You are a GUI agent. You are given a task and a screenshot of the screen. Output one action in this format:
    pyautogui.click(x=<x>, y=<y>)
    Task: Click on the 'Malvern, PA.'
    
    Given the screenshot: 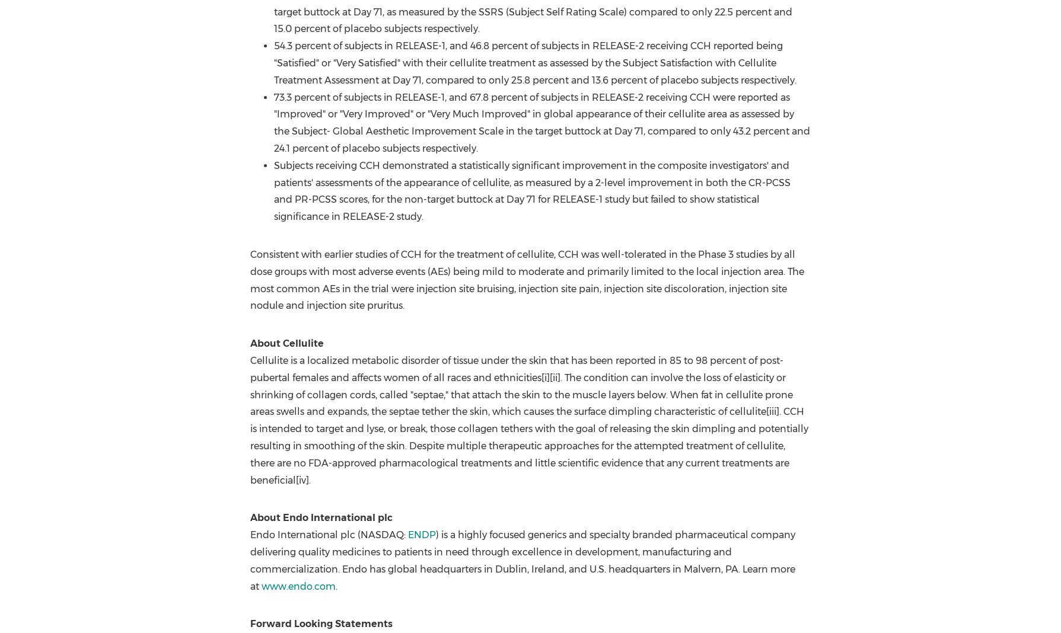 What is the action you would take?
    pyautogui.click(x=683, y=568)
    